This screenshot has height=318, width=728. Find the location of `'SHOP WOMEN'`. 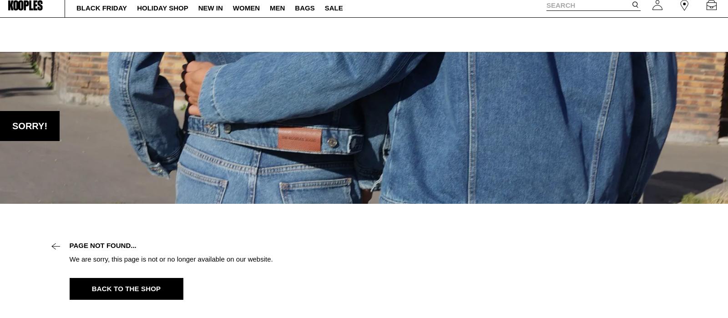

'SHOP WOMEN' is located at coordinates (407, 8).